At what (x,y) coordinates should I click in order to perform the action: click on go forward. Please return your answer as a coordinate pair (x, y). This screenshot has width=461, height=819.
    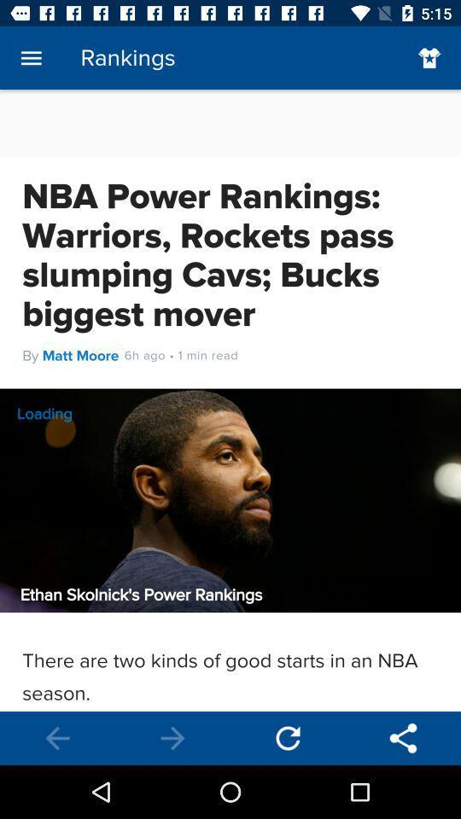
    Looking at the image, I should click on (172, 737).